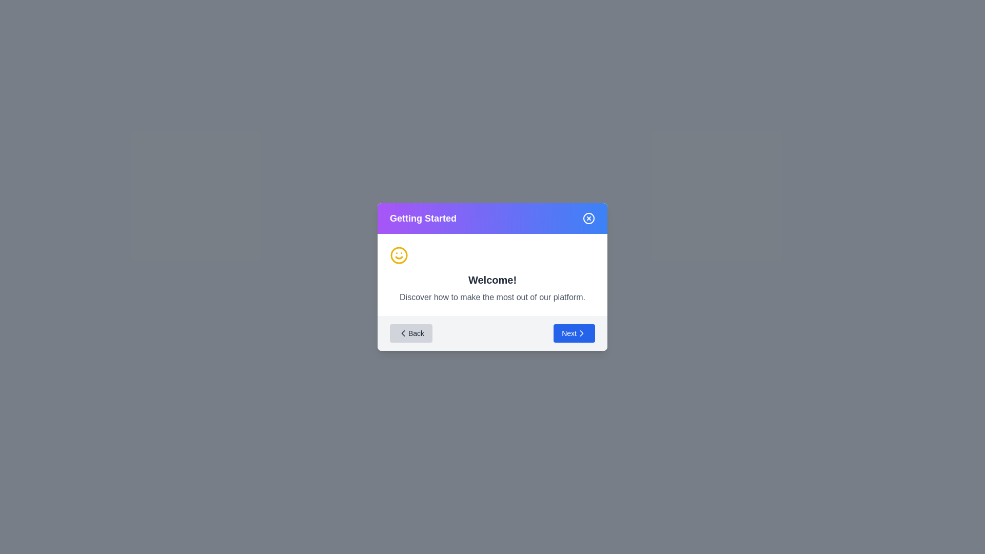  Describe the element at coordinates (403, 333) in the screenshot. I see `the left-facing chevron arrow icon within the 'Back' button located at the bottom-left part of the dialog box` at that location.